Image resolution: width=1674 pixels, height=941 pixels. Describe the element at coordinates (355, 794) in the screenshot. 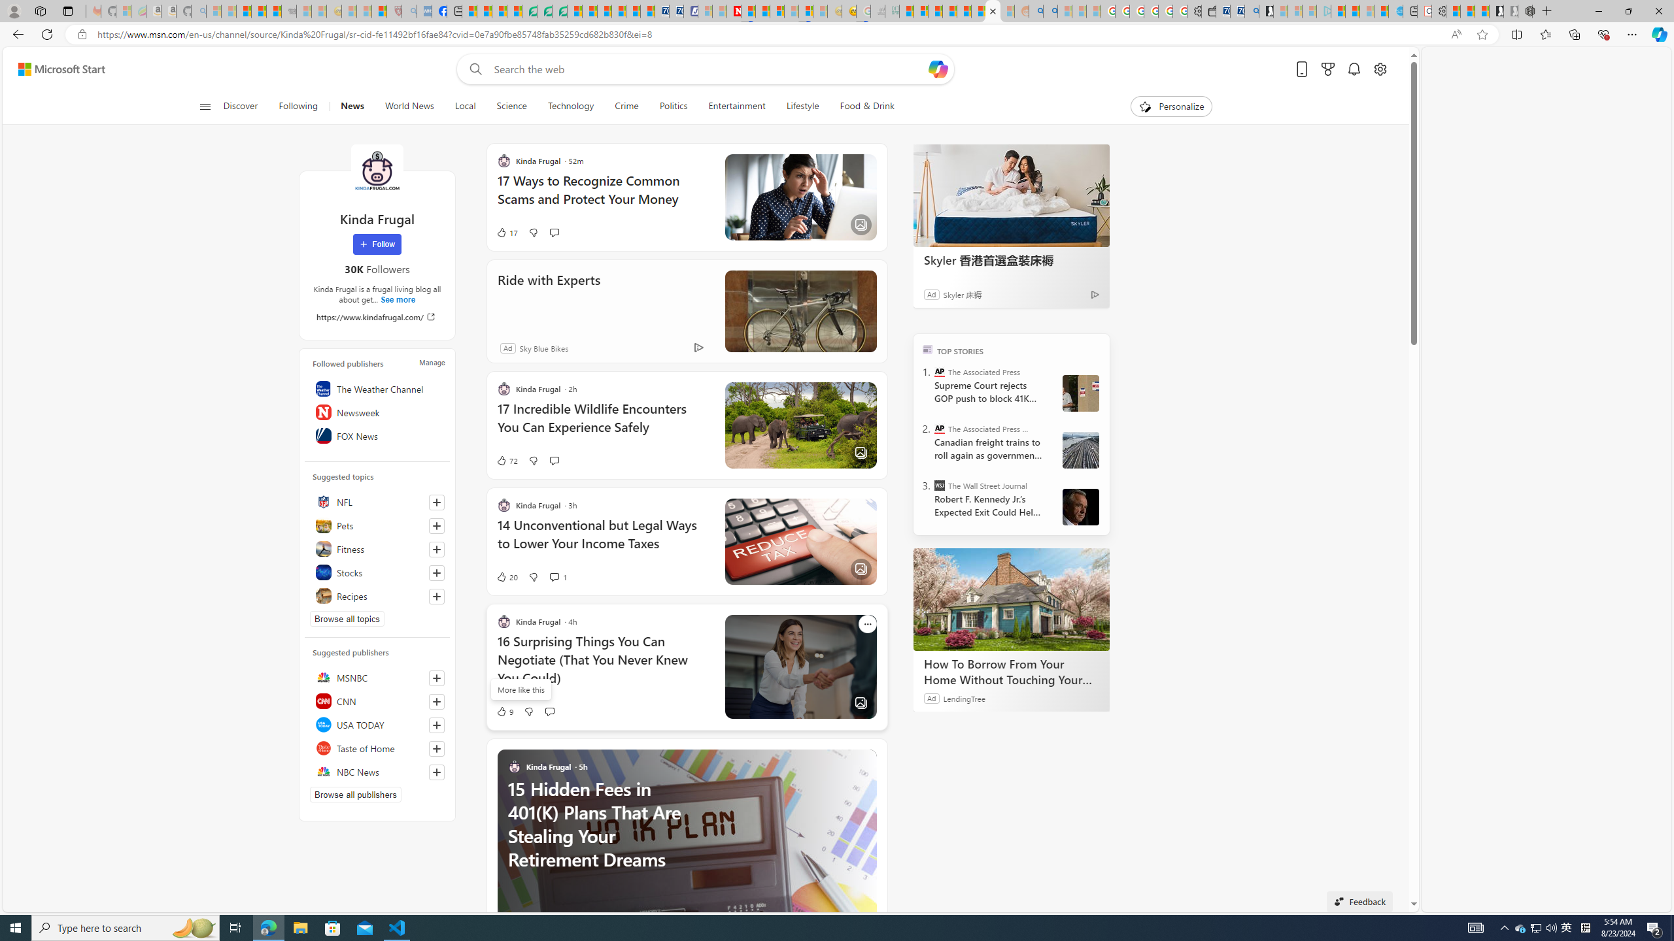

I see `'Browse all publishers'` at that location.